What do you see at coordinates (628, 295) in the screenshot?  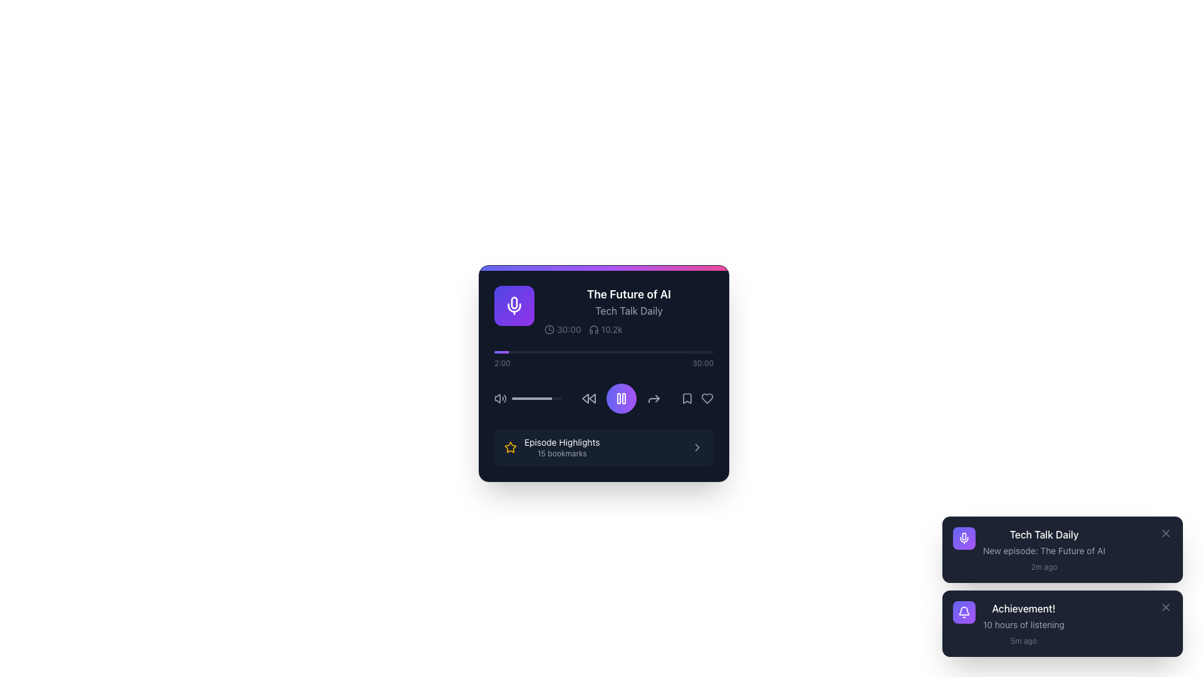 I see `the title text element located at the top-left corner of the card component, above 'Tech Talk Daily', to possibly reveal additional information or tooltips` at bounding box center [628, 295].